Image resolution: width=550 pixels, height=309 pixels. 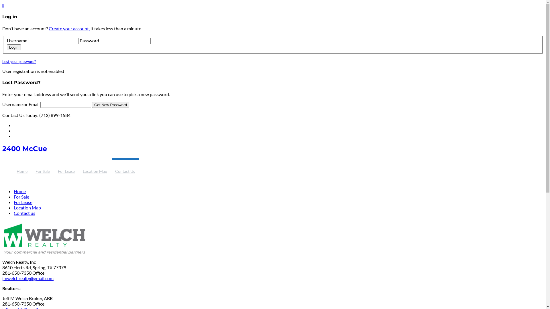 I want to click on 'Create your account,', so click(x=69, y=28).